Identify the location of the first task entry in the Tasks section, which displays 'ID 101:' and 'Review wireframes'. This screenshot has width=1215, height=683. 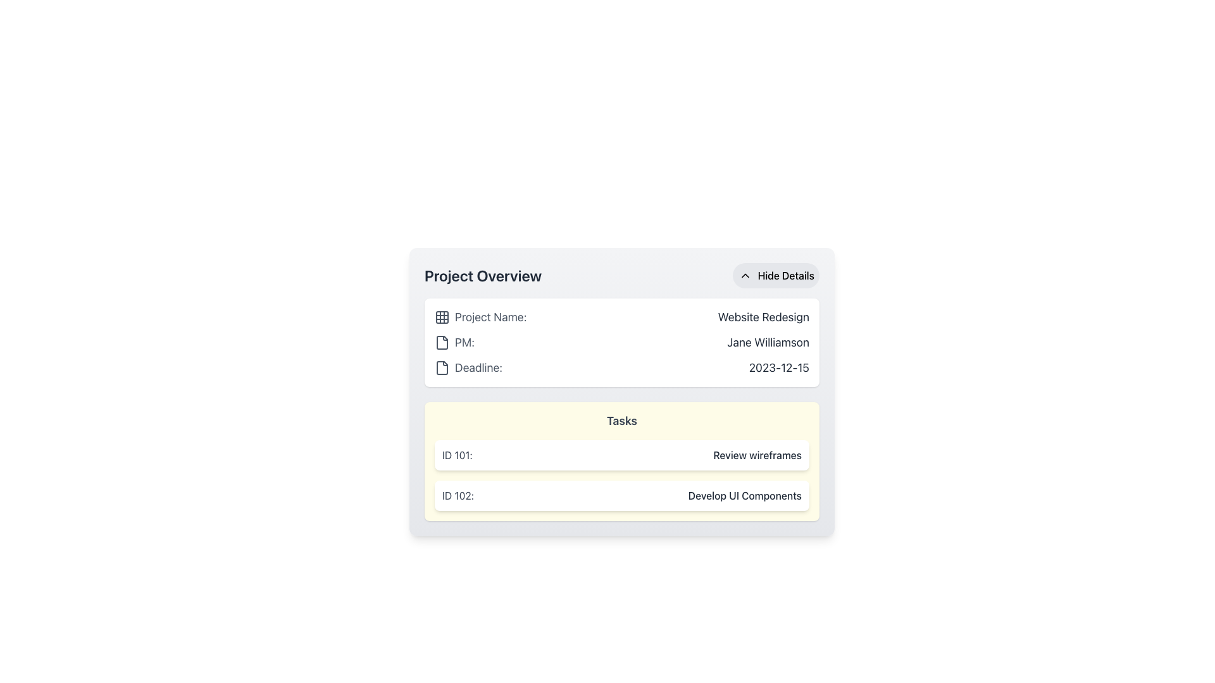
(622, 455).